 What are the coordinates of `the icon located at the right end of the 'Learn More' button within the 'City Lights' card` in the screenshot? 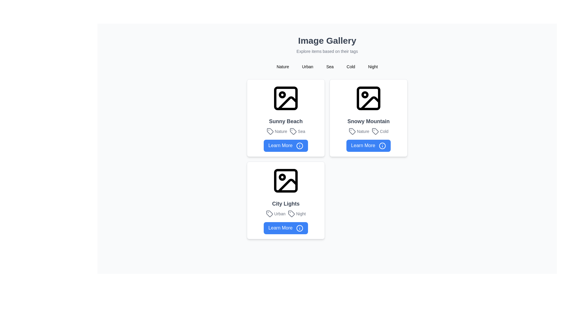 It's located at (300, 228).